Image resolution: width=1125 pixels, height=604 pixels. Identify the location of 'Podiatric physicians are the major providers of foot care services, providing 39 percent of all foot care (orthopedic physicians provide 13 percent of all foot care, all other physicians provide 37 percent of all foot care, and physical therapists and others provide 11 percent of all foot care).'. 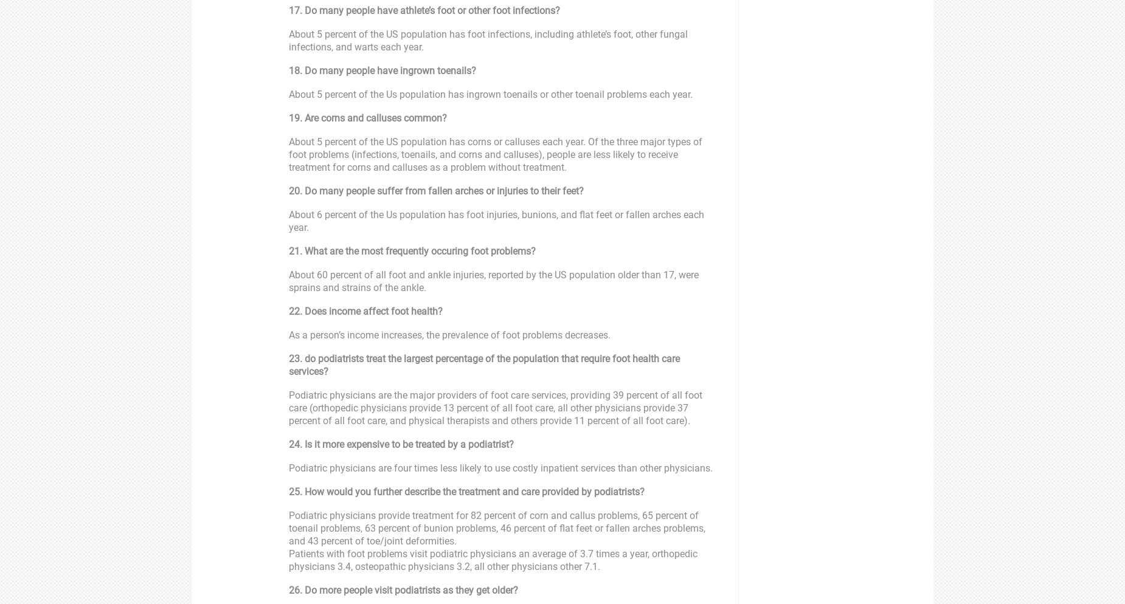
(495, 408).